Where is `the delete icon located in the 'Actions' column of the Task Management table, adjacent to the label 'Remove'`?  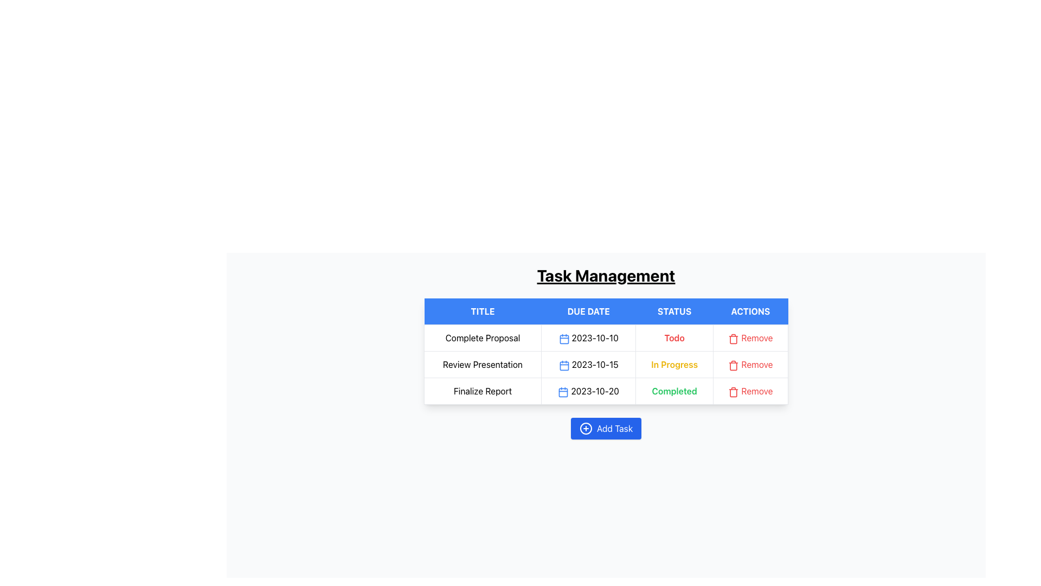 the delete icon located in the 'Actions' column of the Task Management table, adjacent to the label 'Remove' is located at coordinates (734, 339).